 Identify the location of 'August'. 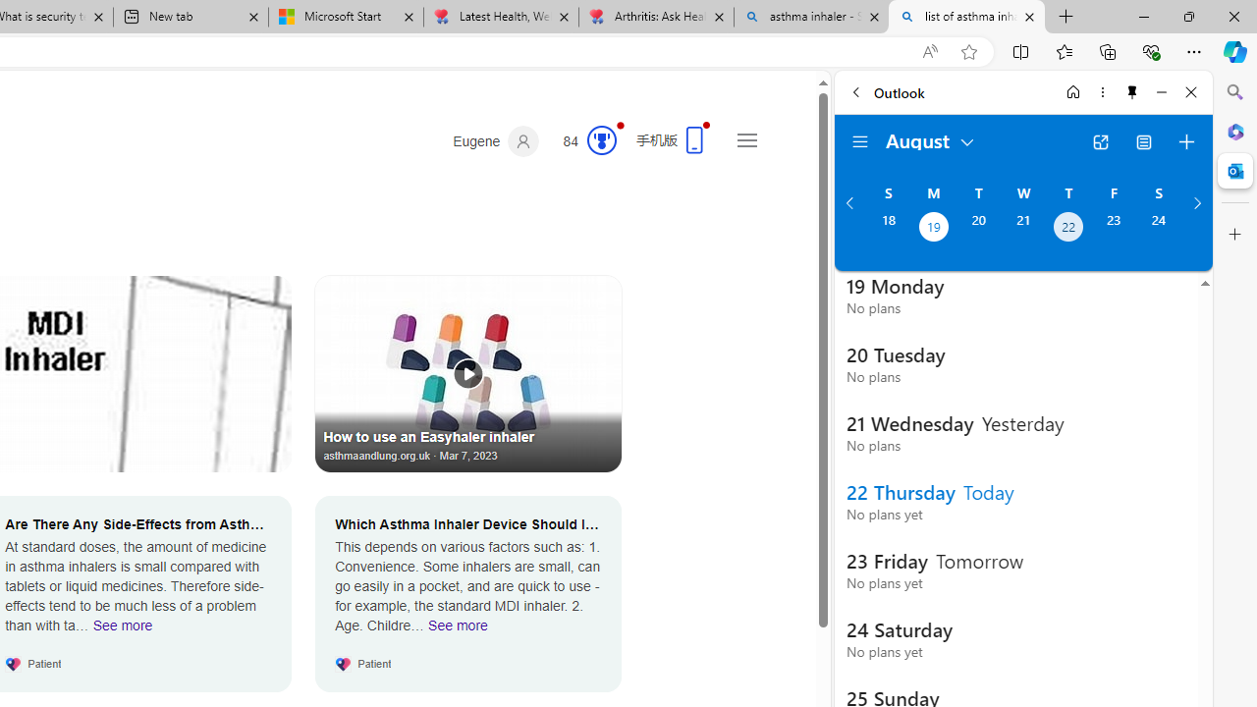
(930, 138).